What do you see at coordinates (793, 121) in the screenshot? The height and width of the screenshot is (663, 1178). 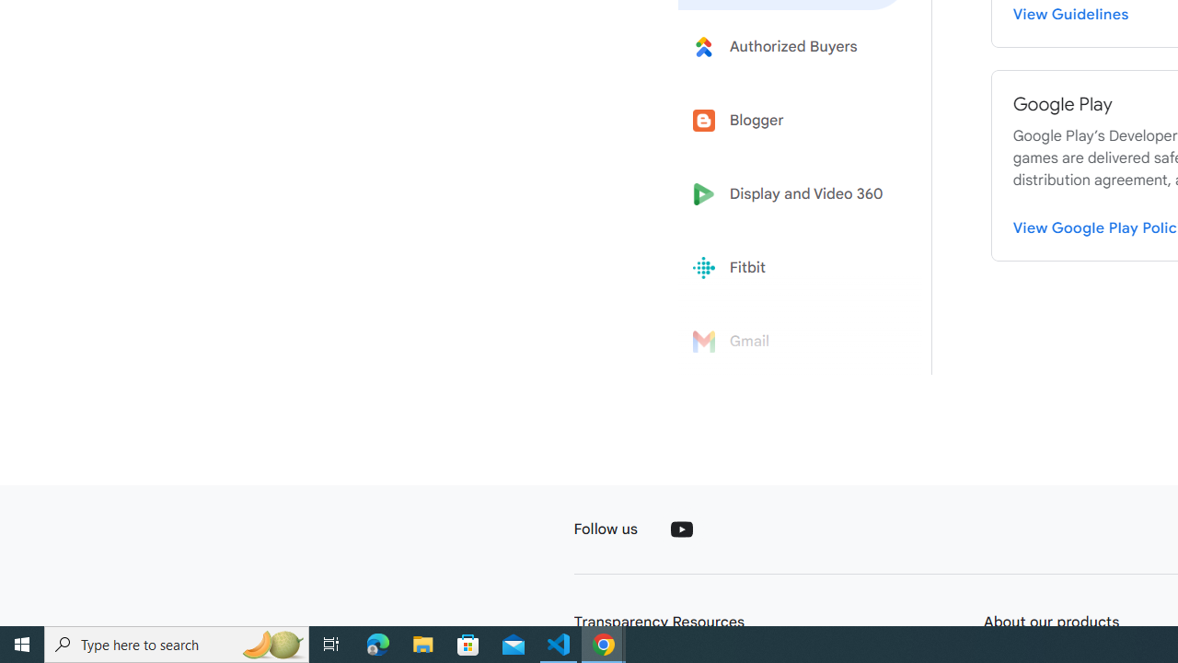 I see `'Blogger'` at bounding box center [793, 121].